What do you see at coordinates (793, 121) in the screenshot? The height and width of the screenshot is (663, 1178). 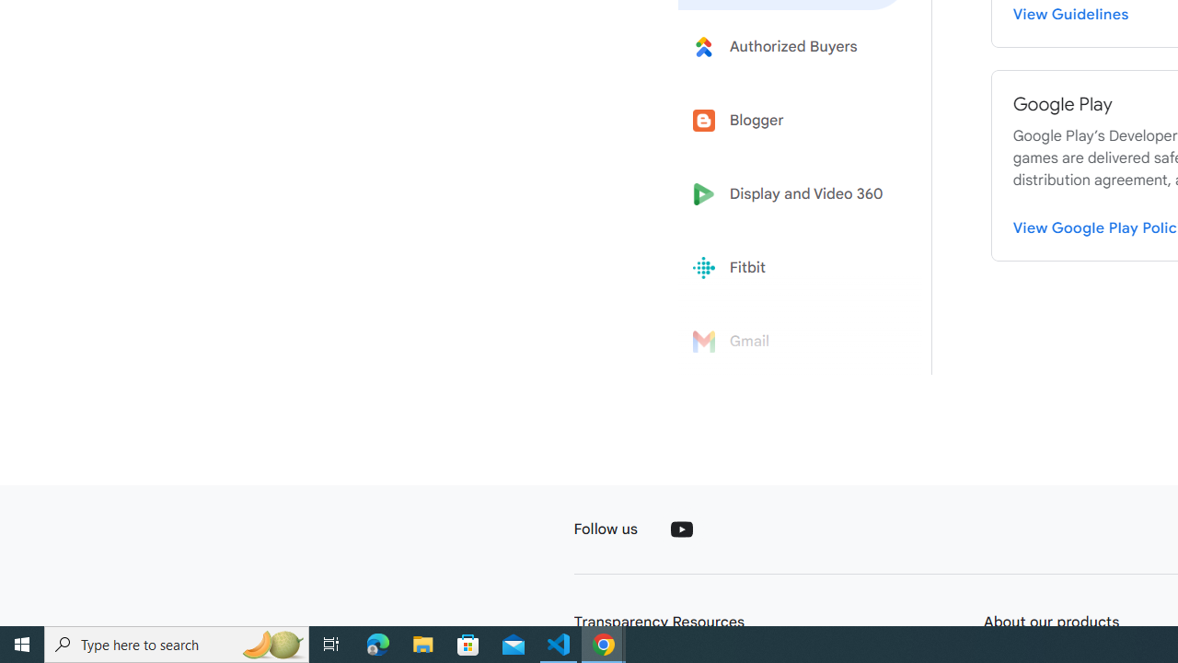 I see `'Blogger'` at bounding box center [793, 121].